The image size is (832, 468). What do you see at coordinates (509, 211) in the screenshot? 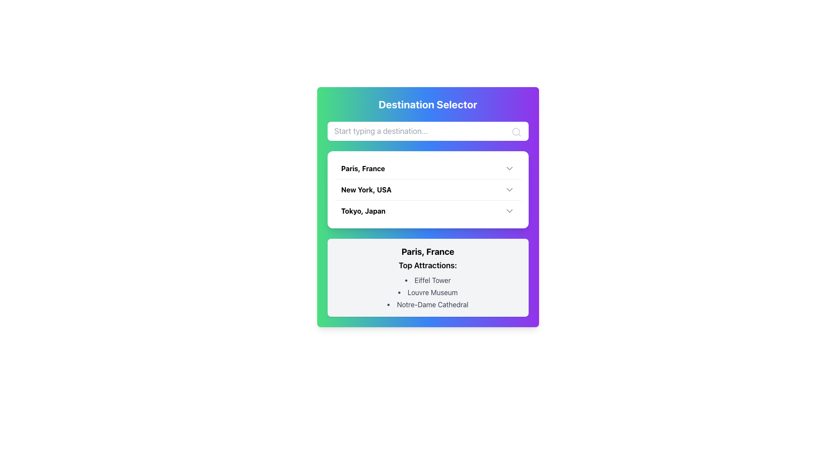
I see `the dropdown indicator icon for the 'Tokyo, Japan' option, which is located to the far right of the label, indicating expandable options` at bounding box center [509, 211].